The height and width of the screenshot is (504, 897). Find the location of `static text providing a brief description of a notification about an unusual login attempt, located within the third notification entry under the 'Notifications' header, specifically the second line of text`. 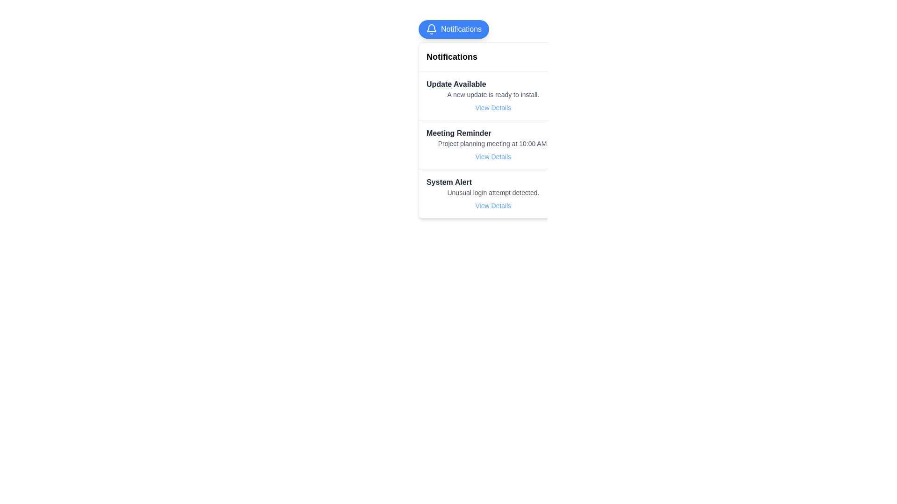

static text providing a brief description of a notification about an unusual login attempt, located within the third notification entry under the 'Notifications' header, specifically the second line of text is located at coordinates (493, 192).